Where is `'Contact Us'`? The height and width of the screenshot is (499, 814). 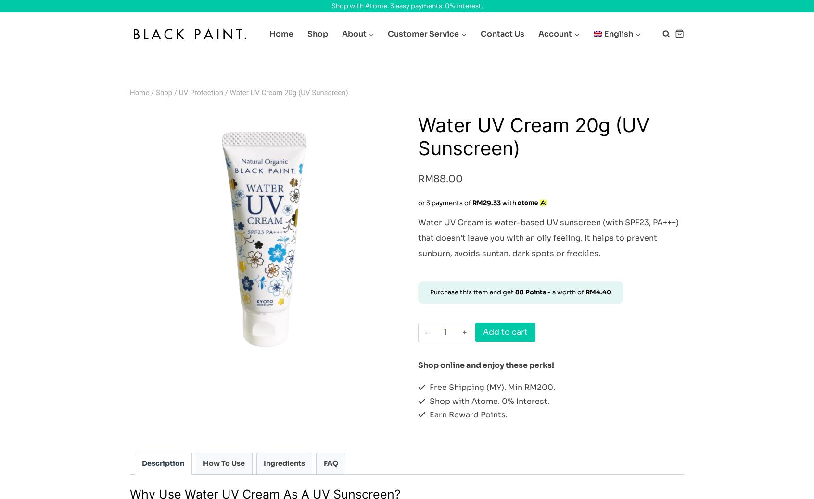 'Contact Us' is located at coordinates (502, 33).